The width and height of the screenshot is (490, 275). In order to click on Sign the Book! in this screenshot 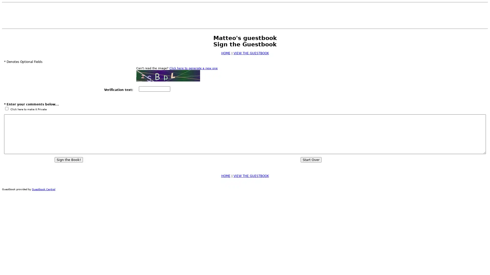, I will do `click(68, 159)`.